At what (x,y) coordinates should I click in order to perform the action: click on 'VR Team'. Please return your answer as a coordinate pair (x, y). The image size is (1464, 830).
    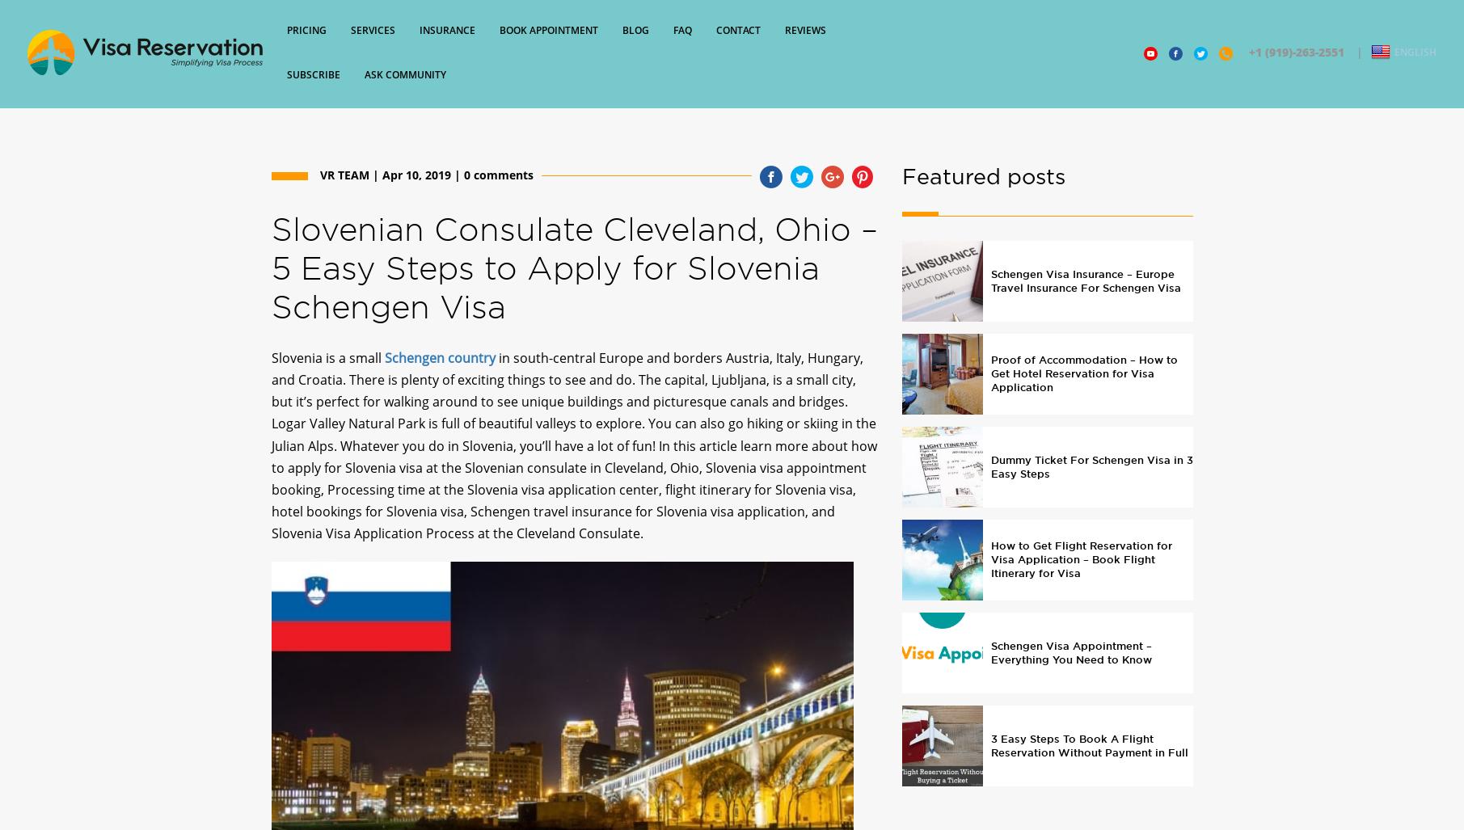
    Looking at the image, I should click on (344, 188).